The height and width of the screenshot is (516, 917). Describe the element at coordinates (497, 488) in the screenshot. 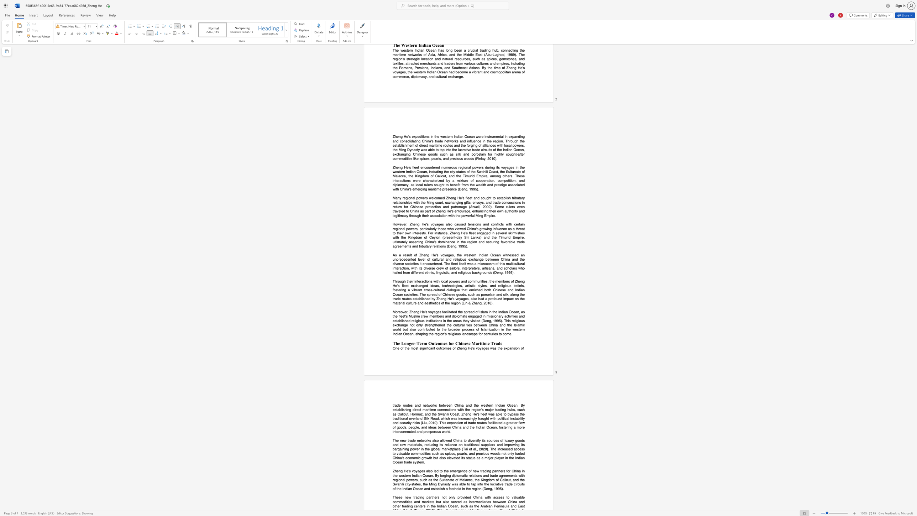

I see `the space between the continuous character "9" and "9" in the text` at that location.